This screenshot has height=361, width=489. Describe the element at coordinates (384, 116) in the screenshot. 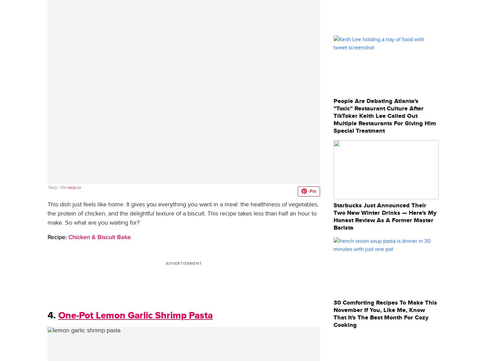

I see `'People Are Debating Atlanta's "Toxic" Restaurant Culture After TikToker Keith Lee Called Out Multiple Restaurants For Giving Him Special Treatment'` at that location.